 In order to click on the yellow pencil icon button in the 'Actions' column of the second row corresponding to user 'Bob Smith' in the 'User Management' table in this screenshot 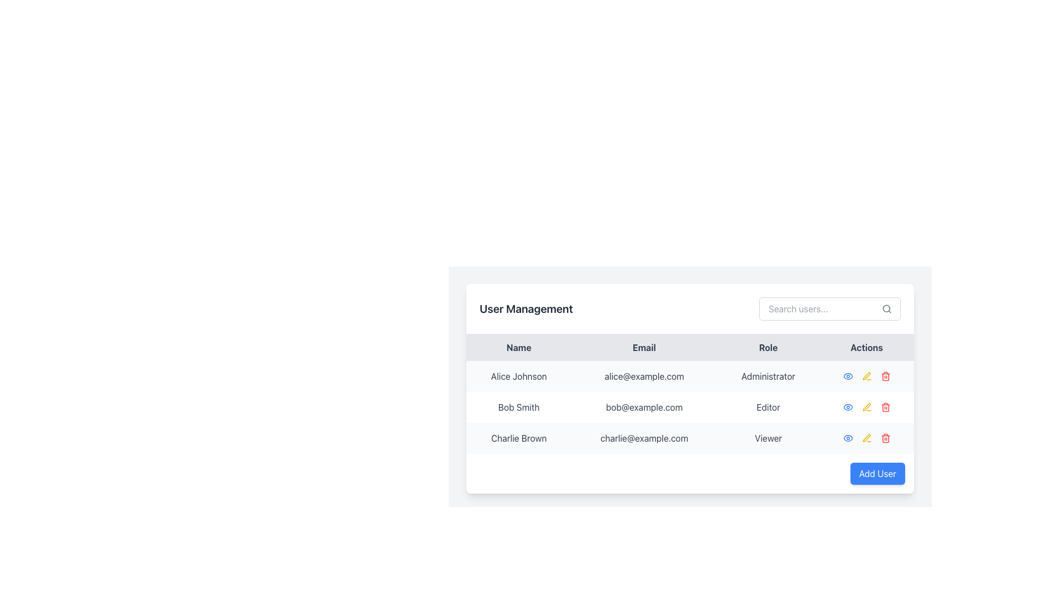, I will do `click(866, 407)`.